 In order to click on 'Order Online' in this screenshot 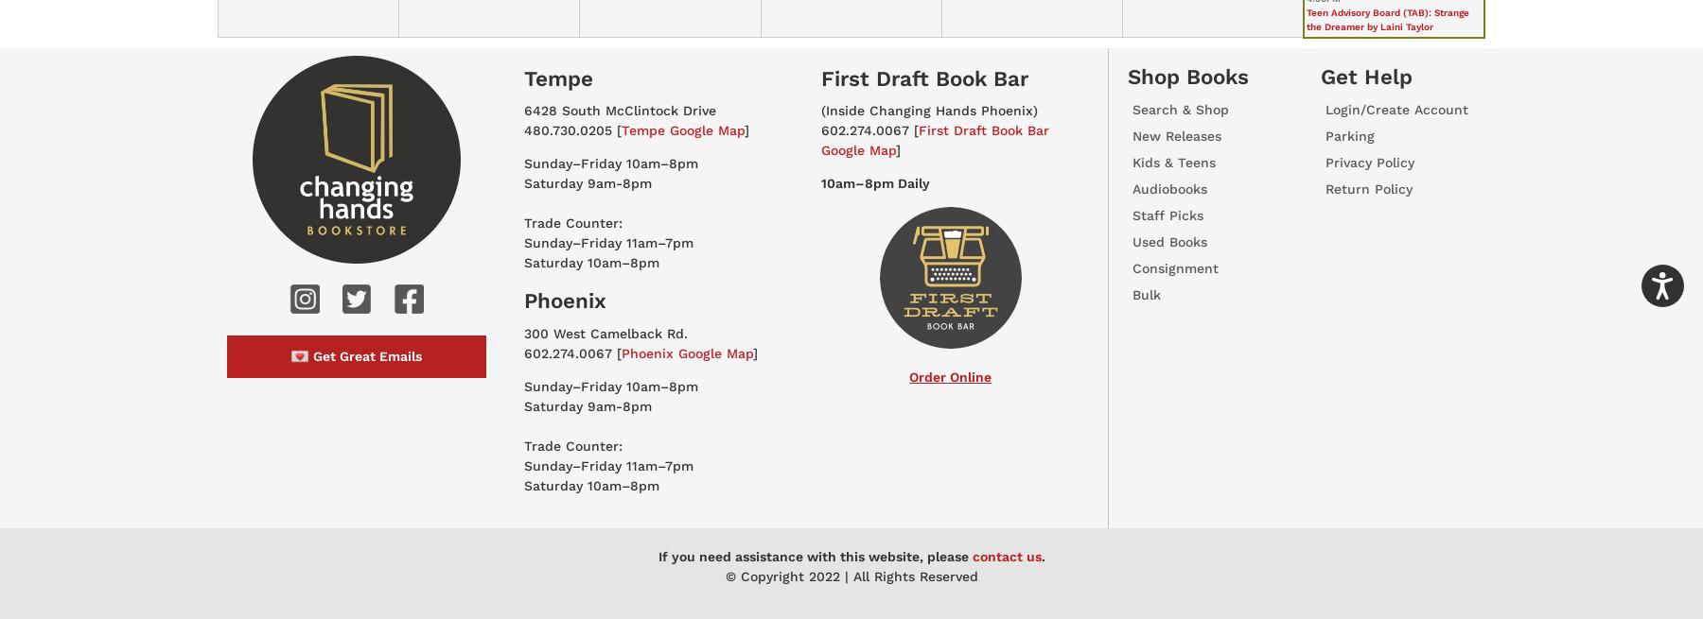, I will do `click(949, 377)`.